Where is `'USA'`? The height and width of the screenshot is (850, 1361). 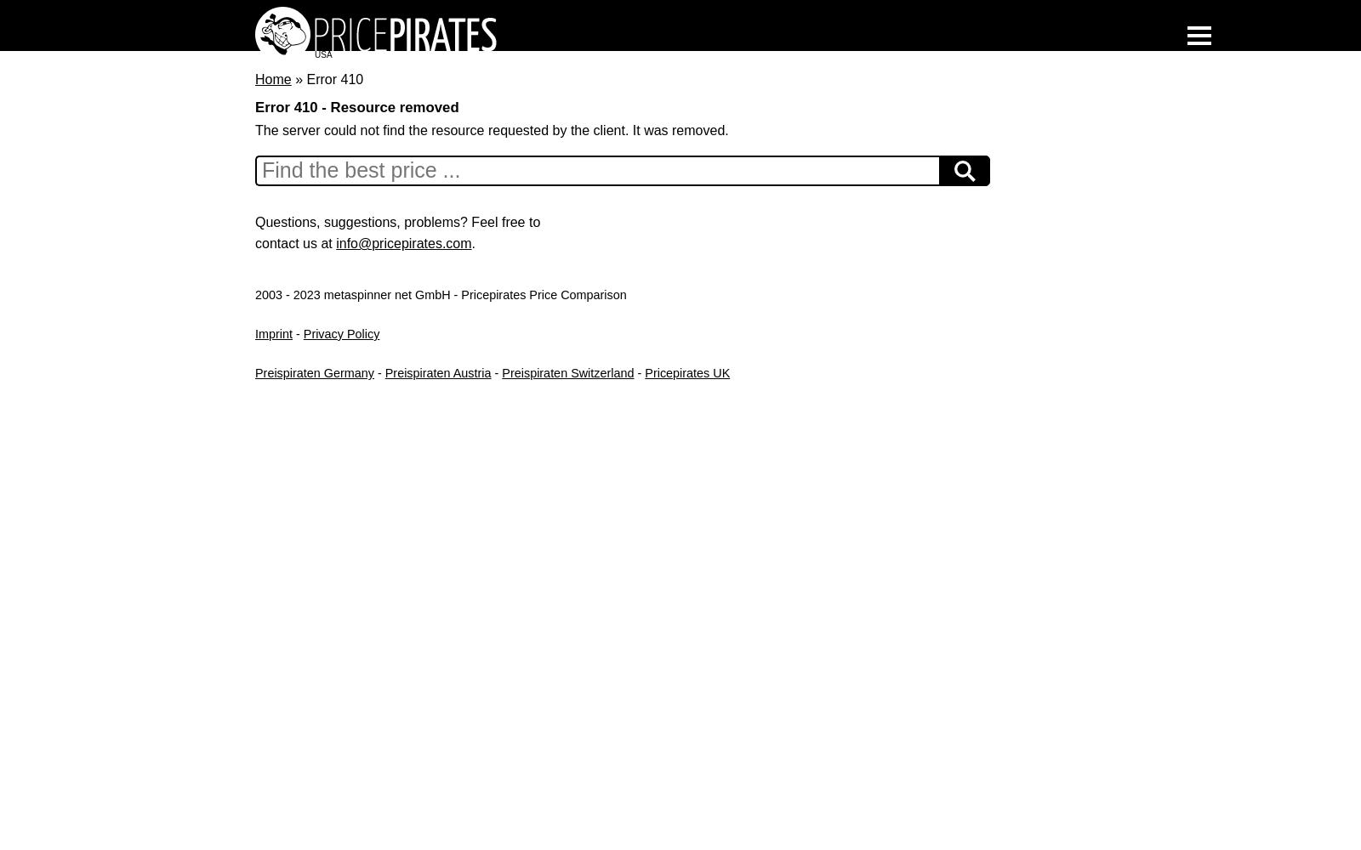
'USA' is located at coordinates (323, 54).